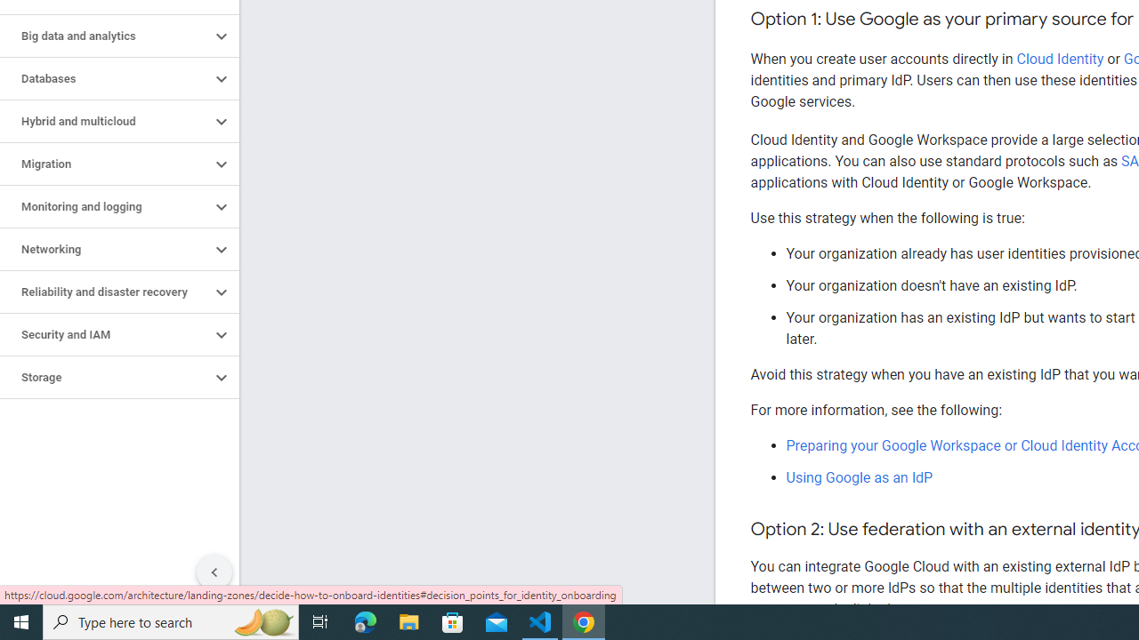 The image size is (1139, 640). Describe the element at coordinates (104, 292) in the screenshot. I see `'Reliability and disaster recovery'` at that location.